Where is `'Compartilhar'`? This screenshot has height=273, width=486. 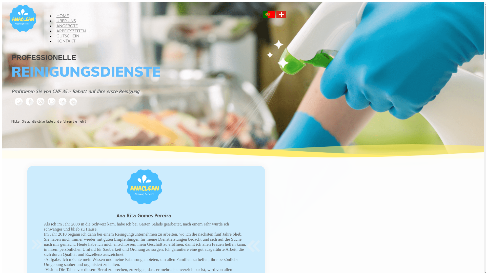 'Compartilhar' is located at coordinates (56, 101).